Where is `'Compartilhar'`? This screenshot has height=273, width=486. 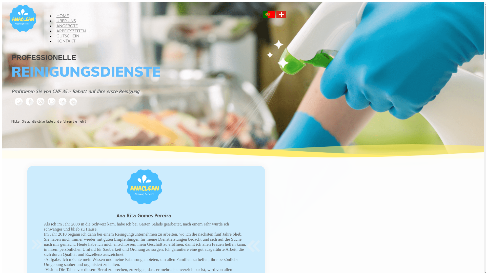 'Compartilhar' is located at coordinates (56, 101).